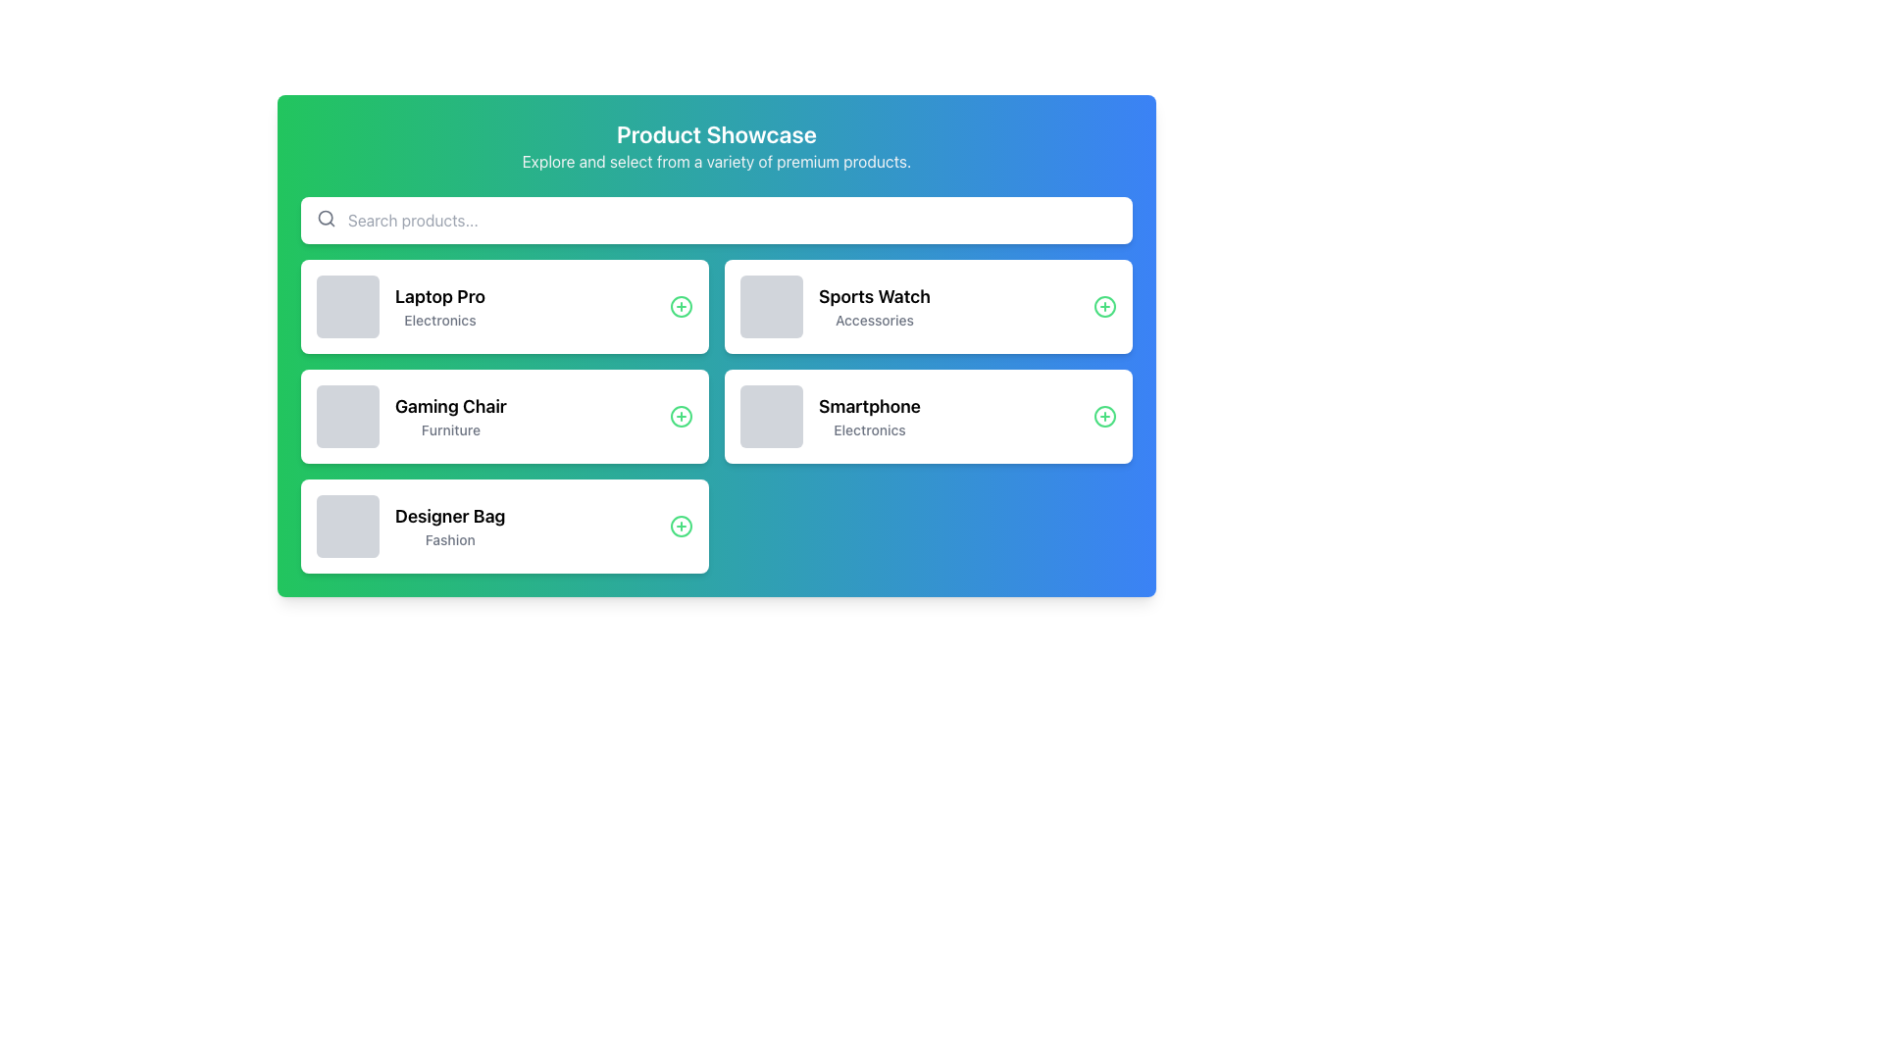 This screenshot has height=1059, width=1883. I want to click on the Text element displaying product details for 'Laptop Pro' in the Electronics category, located in the top-left corner of a multi-card grid, so click(399, 306).